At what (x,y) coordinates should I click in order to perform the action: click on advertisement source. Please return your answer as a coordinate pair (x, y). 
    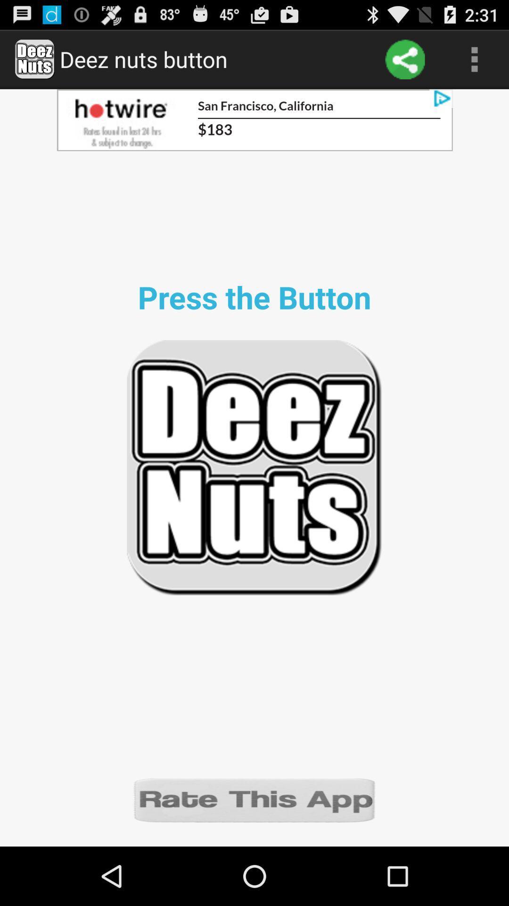
    Looking at the image, I should click on (254, 119).